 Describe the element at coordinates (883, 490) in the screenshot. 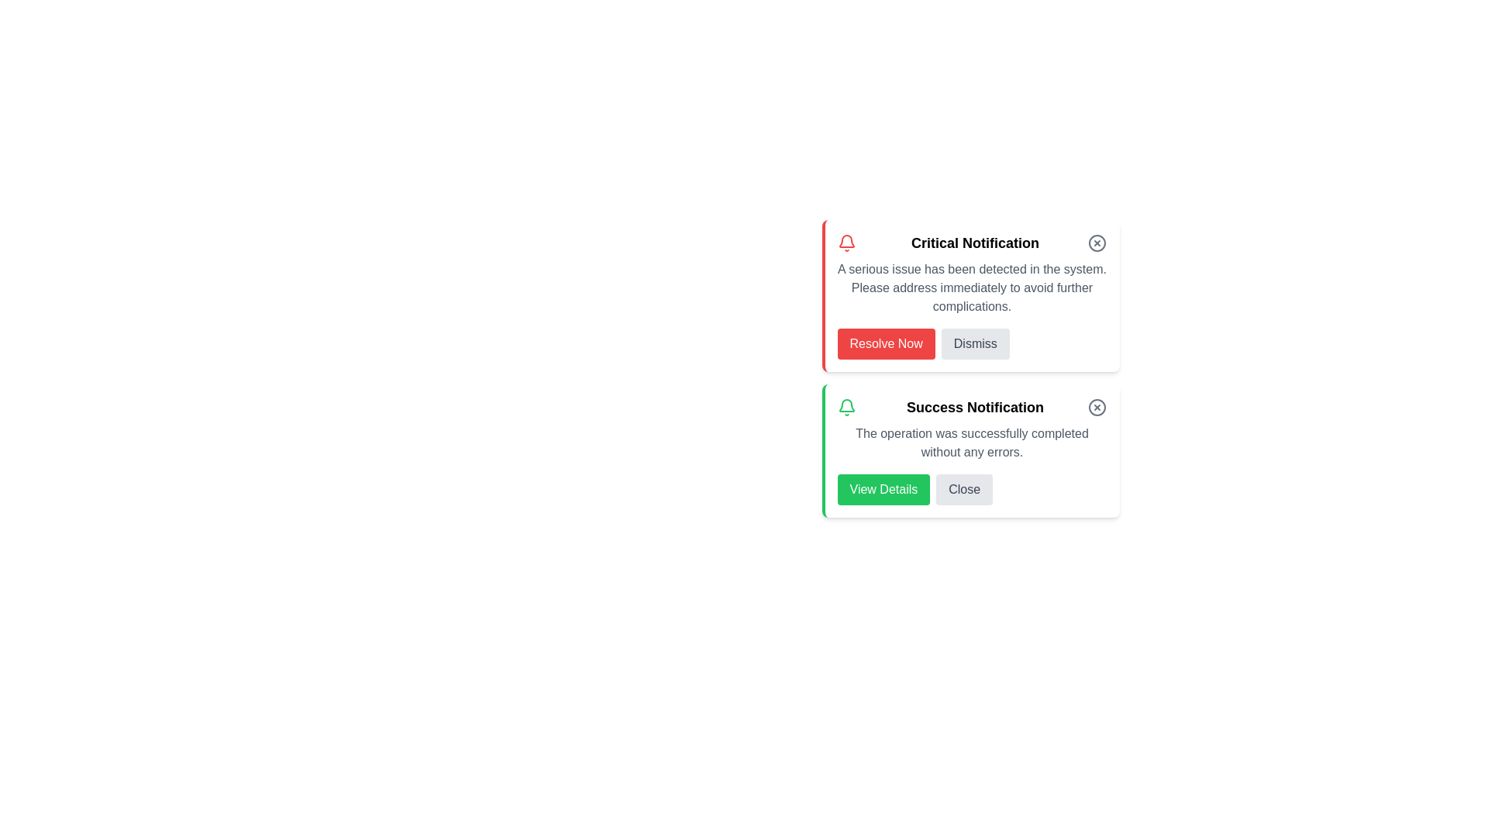

I see `the 'View Details' button with a green background and white text` at that location.